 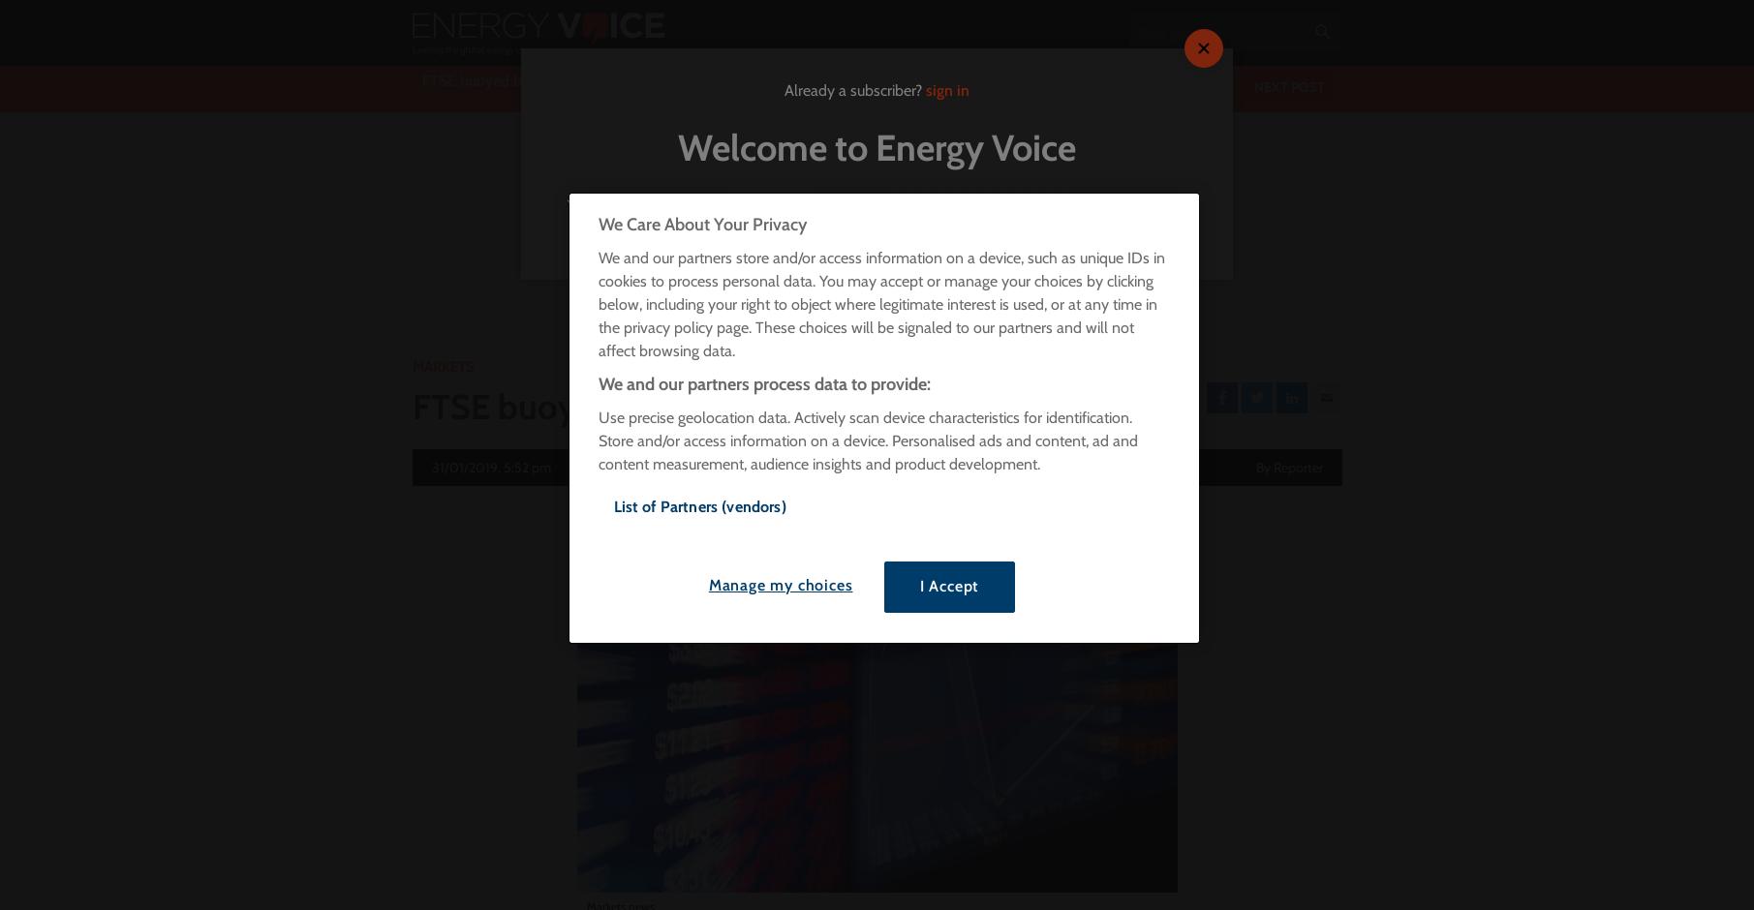 What do you see at coordinates (500, 318) in the screenshot?
I see `'Wind'` at bounding box center [500, 318].